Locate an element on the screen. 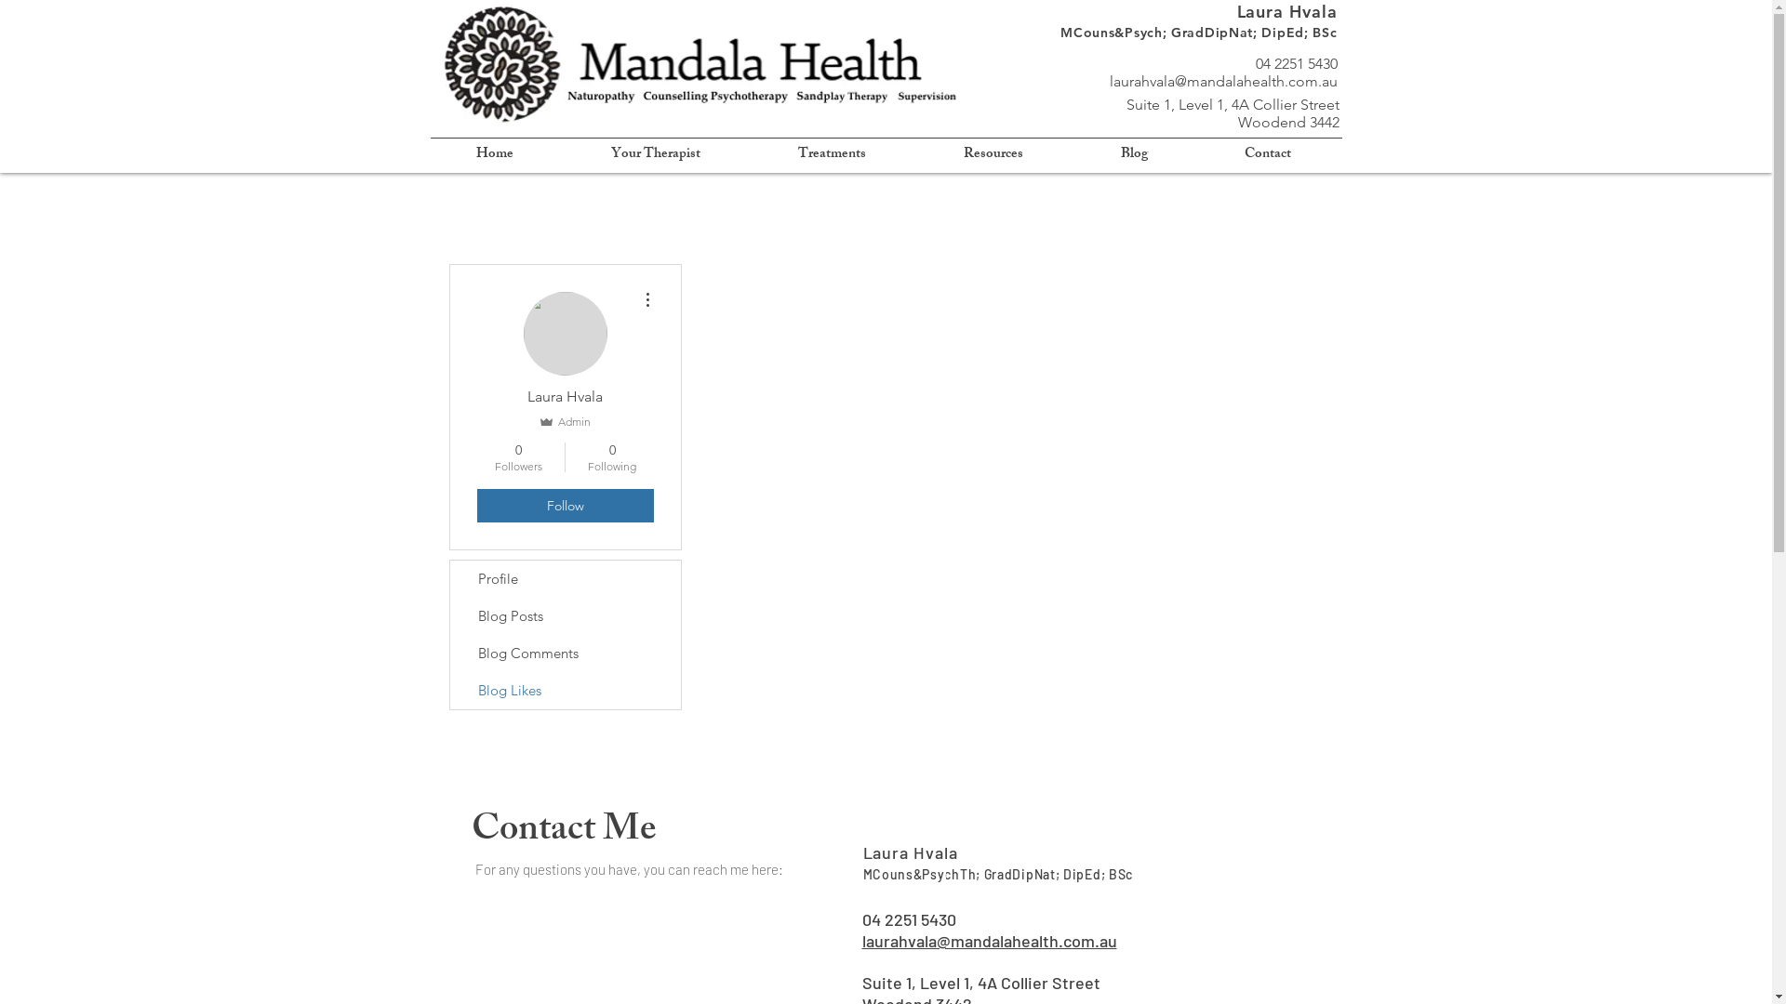  '04 2251 5430' is located at coordinates (908, 918).